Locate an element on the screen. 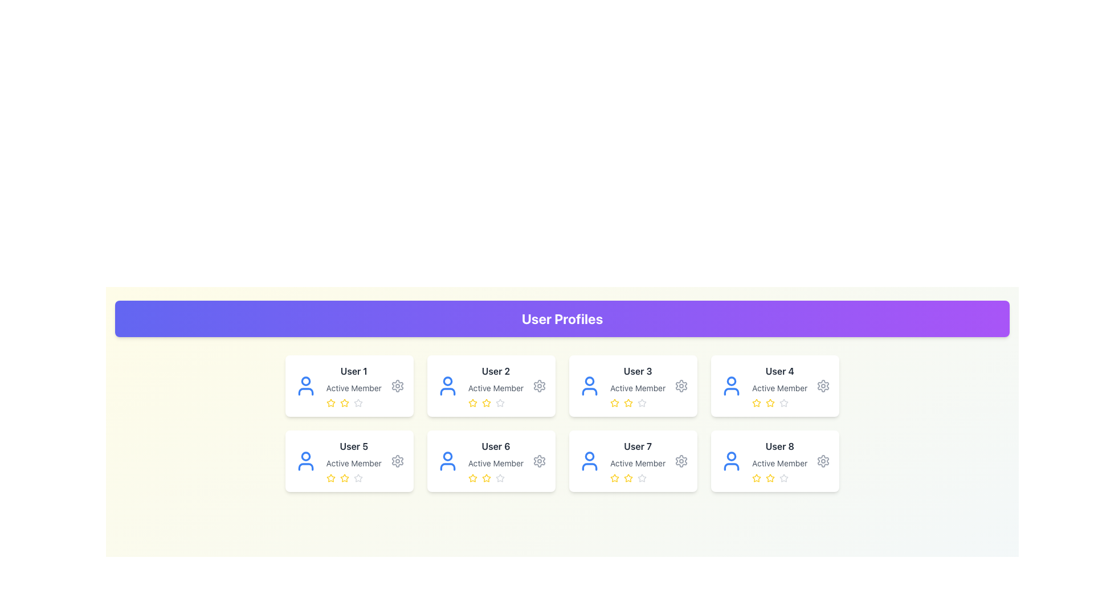 The width and height of the screenshot is (1094, 615). the Rating Indicator element, which consists of five star icons, with the first two stars filled in yellow and the third star unfilled, located in the 'User 8' profile card below 'Active Member' is located at coordinates (779, 478).